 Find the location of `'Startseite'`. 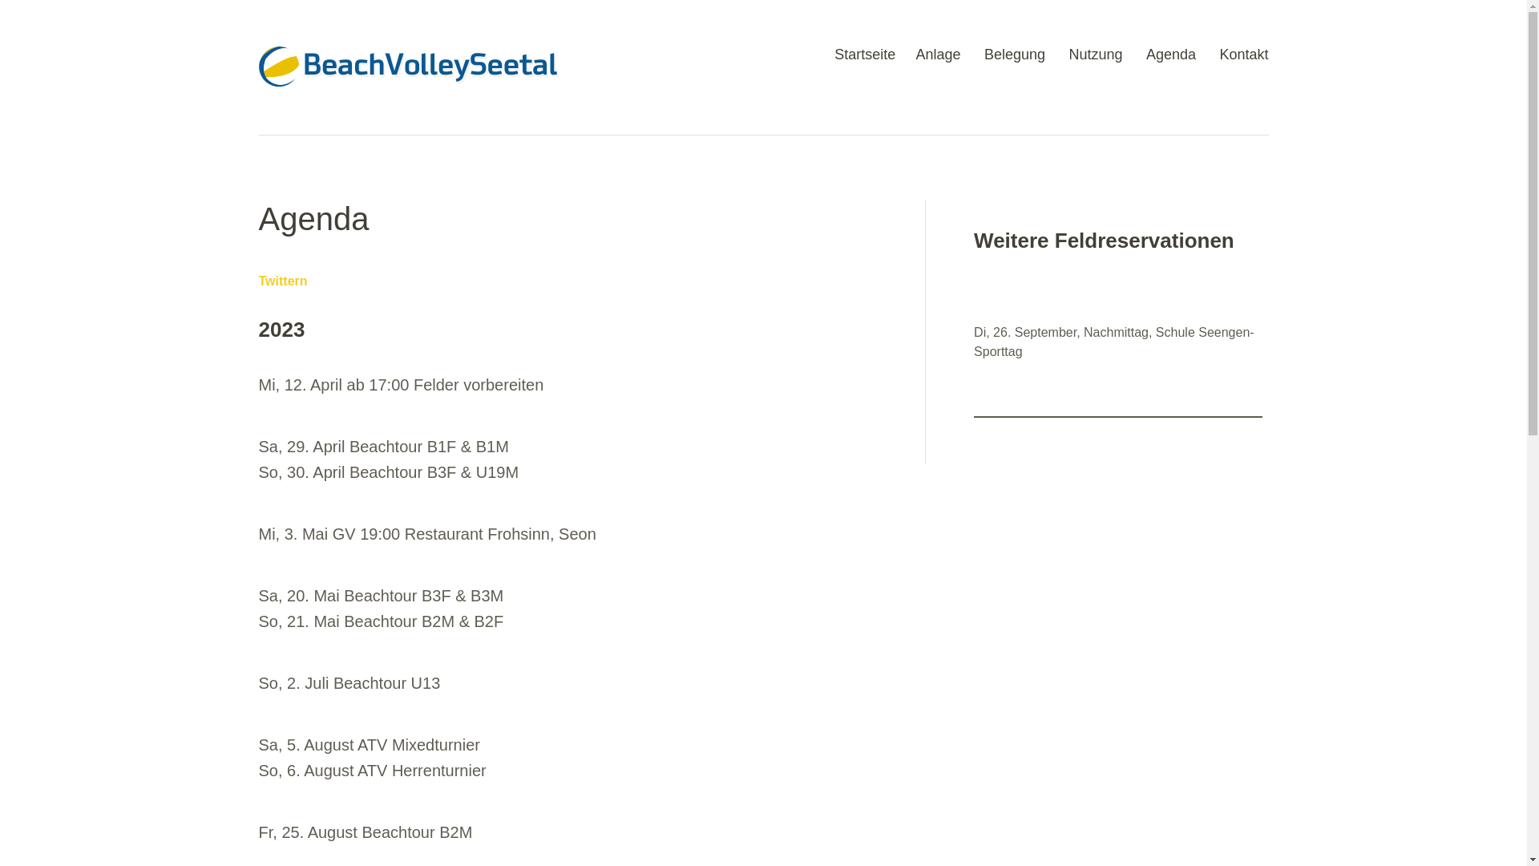

'Startseite' is located at coordinates (864, 61).